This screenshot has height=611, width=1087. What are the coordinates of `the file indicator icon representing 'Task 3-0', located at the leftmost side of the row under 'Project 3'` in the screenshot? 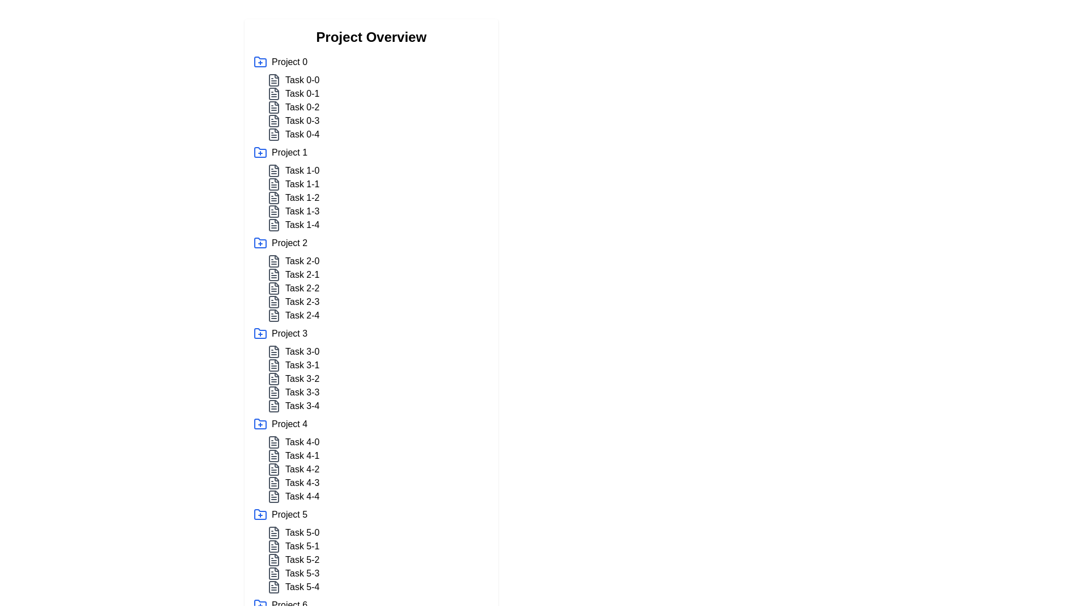 It's located at (274, 351).